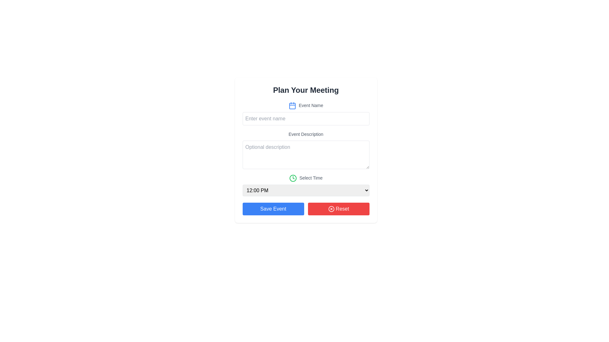 The height and width of the screenshot is (342, 609). What do you see at coordinates (292, 105) in the screenshot?
I see `the decorative calendar icon located to the left of the 'Event Name' text input field` at bounding box center [292, 105].